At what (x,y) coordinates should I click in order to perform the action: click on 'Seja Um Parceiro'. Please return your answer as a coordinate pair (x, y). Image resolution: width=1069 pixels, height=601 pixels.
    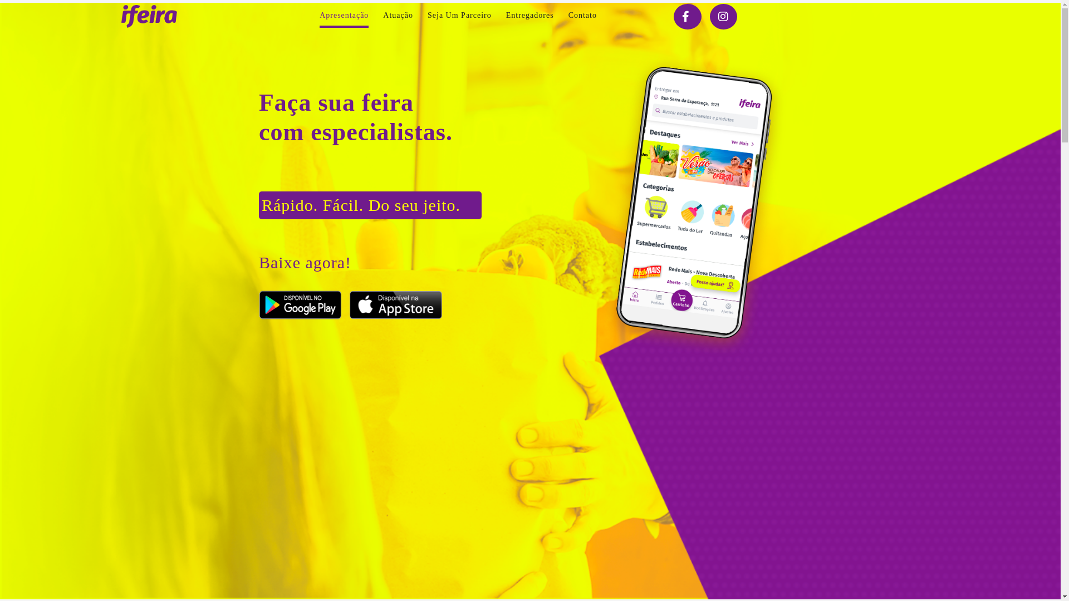
    Looking at the image, I should click on (459, 15).